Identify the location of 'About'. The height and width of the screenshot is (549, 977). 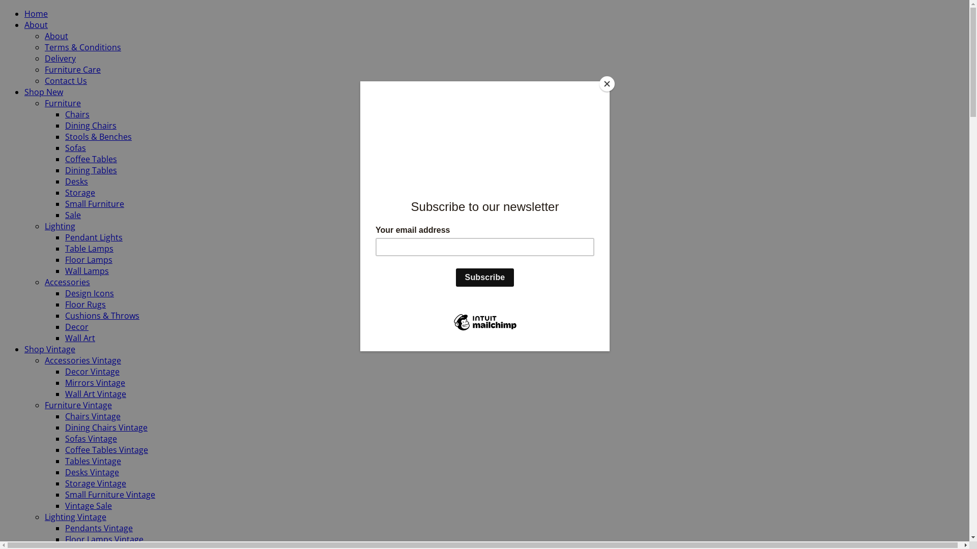
(24, 24).